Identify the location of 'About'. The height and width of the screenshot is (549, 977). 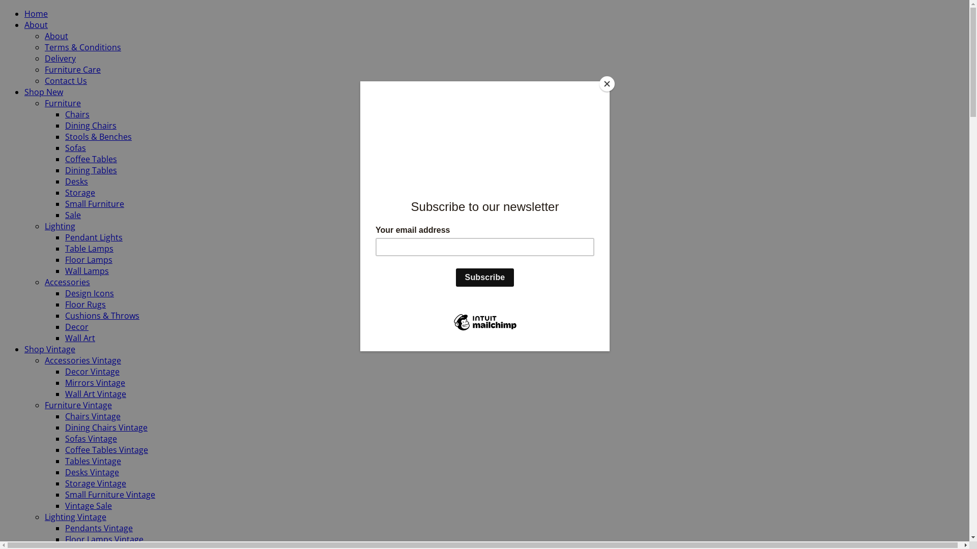
(24, 24).